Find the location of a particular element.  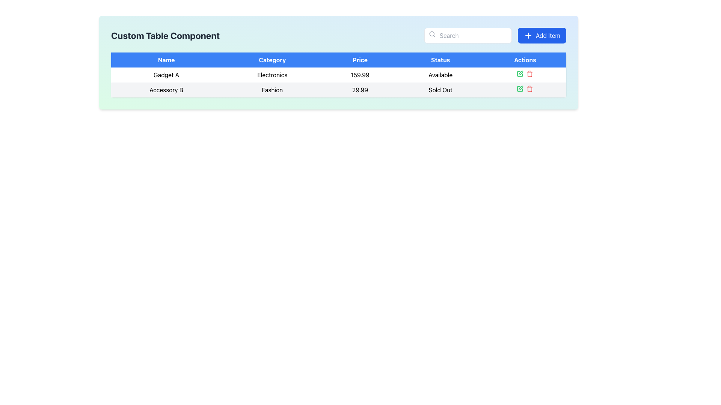

the delete icon in the Actions column of the row labeled 'Accessory B' is located at coordinates (525, 89).